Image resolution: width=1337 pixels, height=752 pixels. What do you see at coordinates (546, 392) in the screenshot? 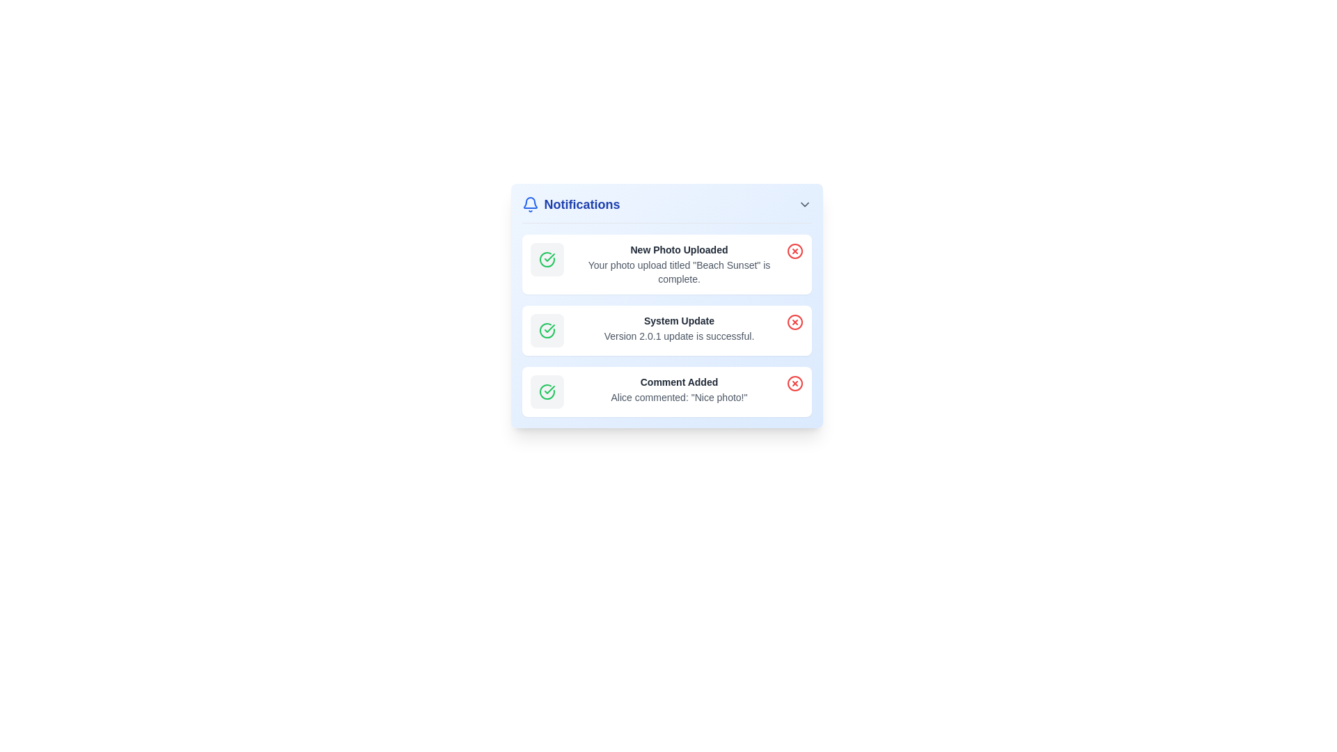
I see `the green circular checkmark icon located within the vertically stacked notification list` at bounding box center [546, 392].